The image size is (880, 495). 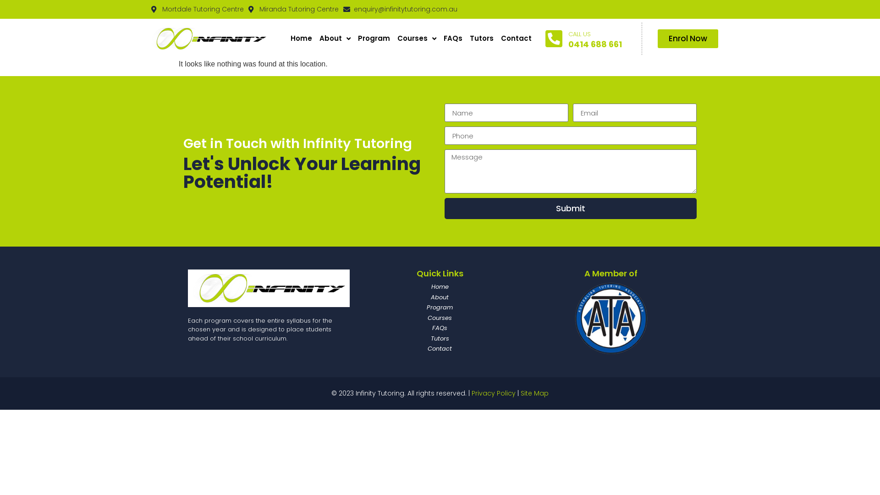 I want to click on 'About', so click(x=334, y=38).